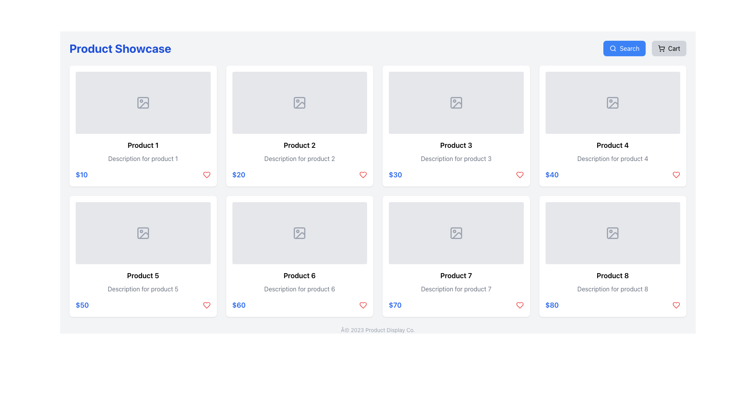 This screenshot has width=745, height=419. What do you see at coordinates (299, 145) in the screenshot?
I see `the bold text label 'Product 2' located in the second product card at the specified coordinates` at bounding box center [299, 145].